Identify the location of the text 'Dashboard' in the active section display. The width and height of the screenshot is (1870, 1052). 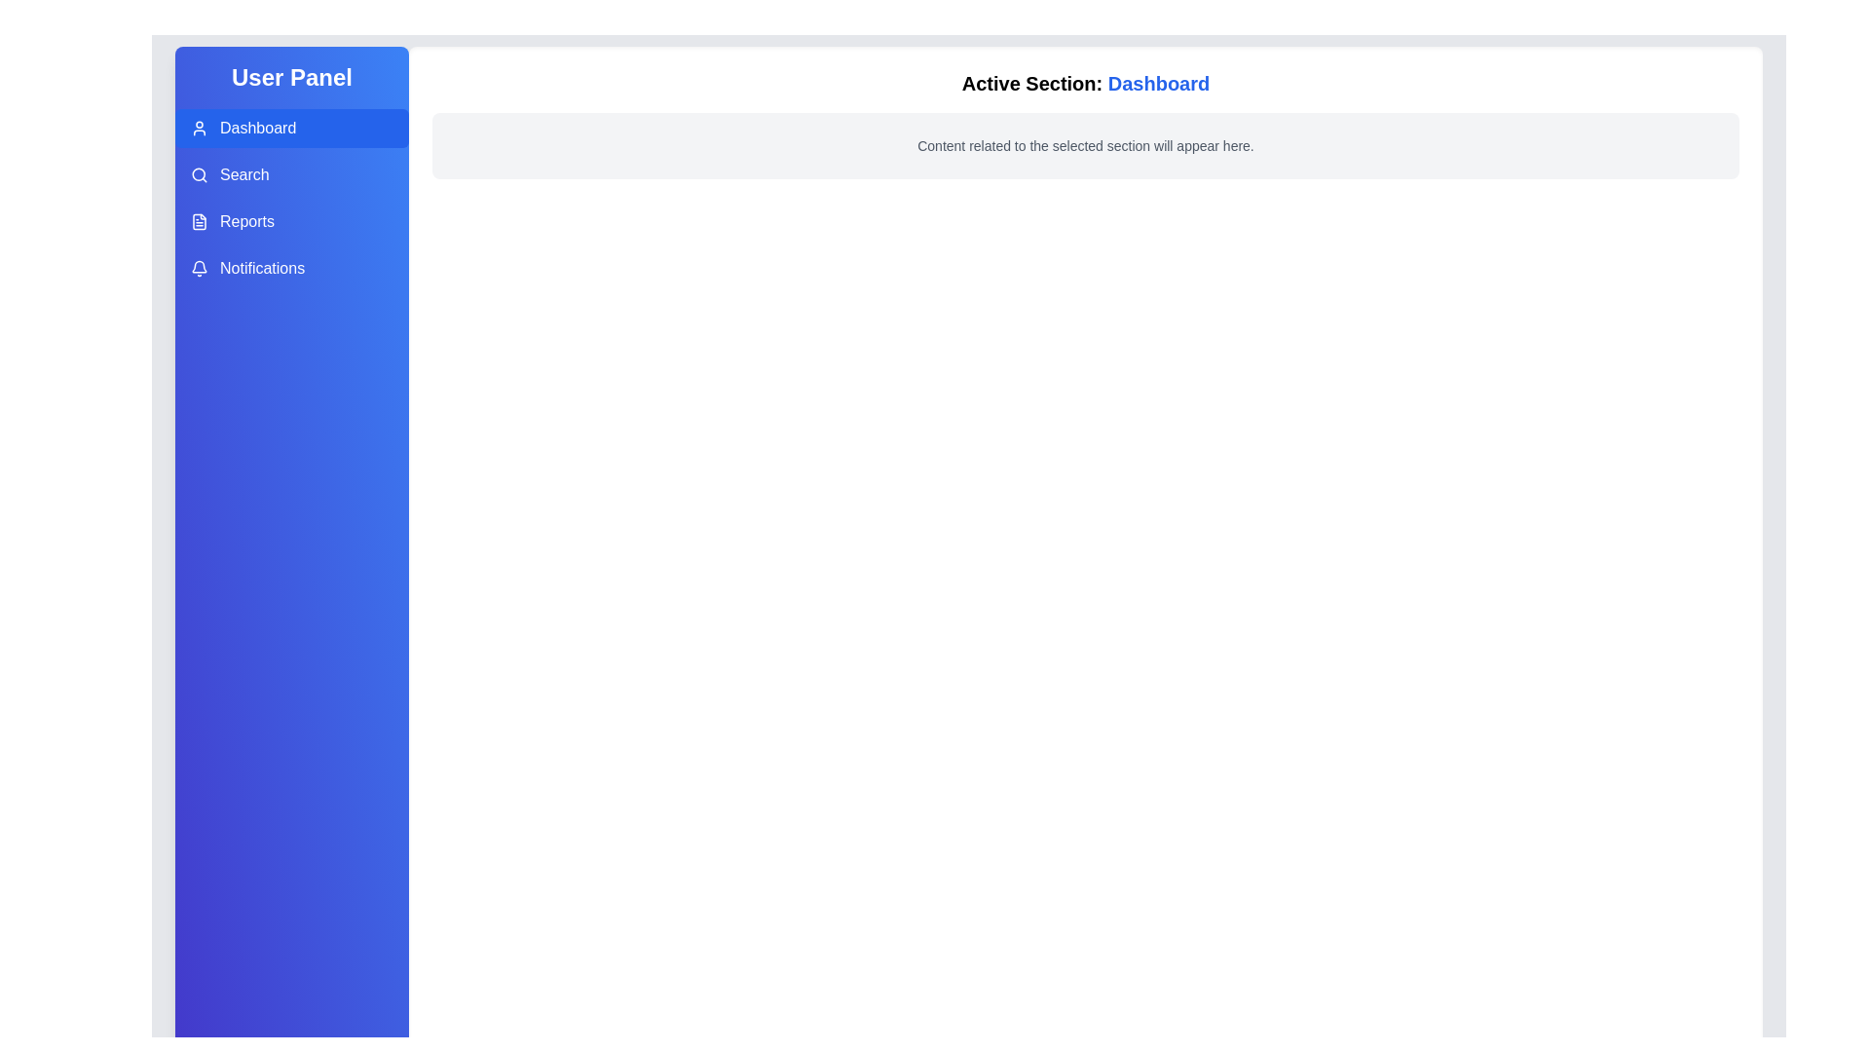
(1159, 82).